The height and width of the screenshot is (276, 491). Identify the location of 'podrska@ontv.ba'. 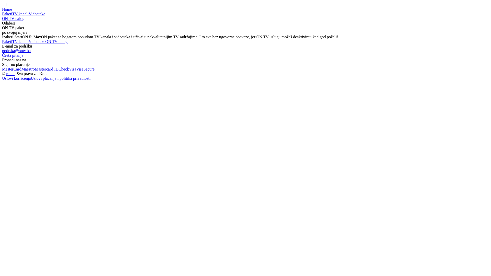
(16, 51).